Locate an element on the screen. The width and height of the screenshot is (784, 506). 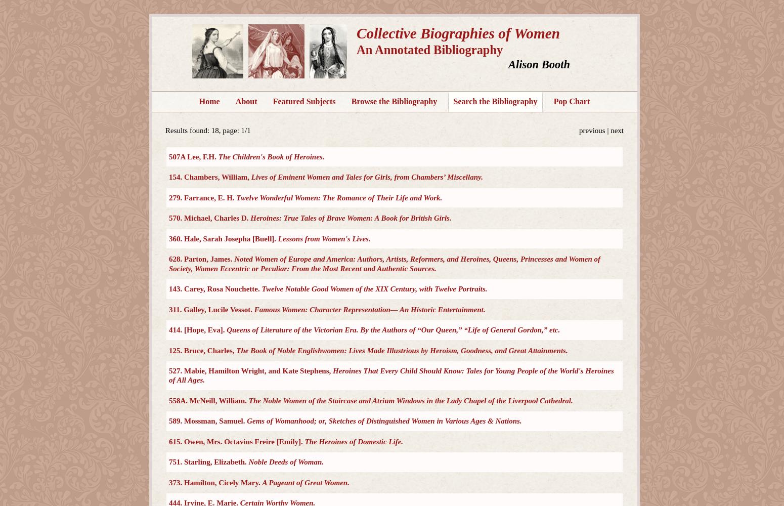
'589. Mossman, Samuel.' is located at coordinates (208, 420).